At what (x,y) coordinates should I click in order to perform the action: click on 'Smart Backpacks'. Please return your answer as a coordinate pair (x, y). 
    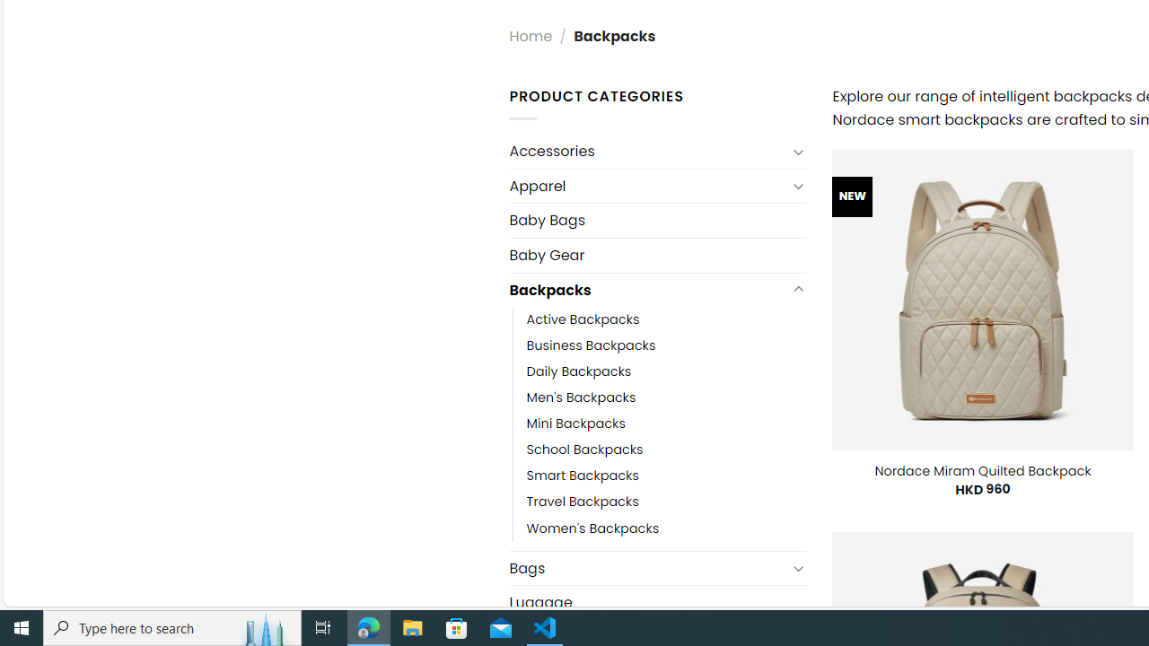
    Looking at the image, I should click on (582, 476).